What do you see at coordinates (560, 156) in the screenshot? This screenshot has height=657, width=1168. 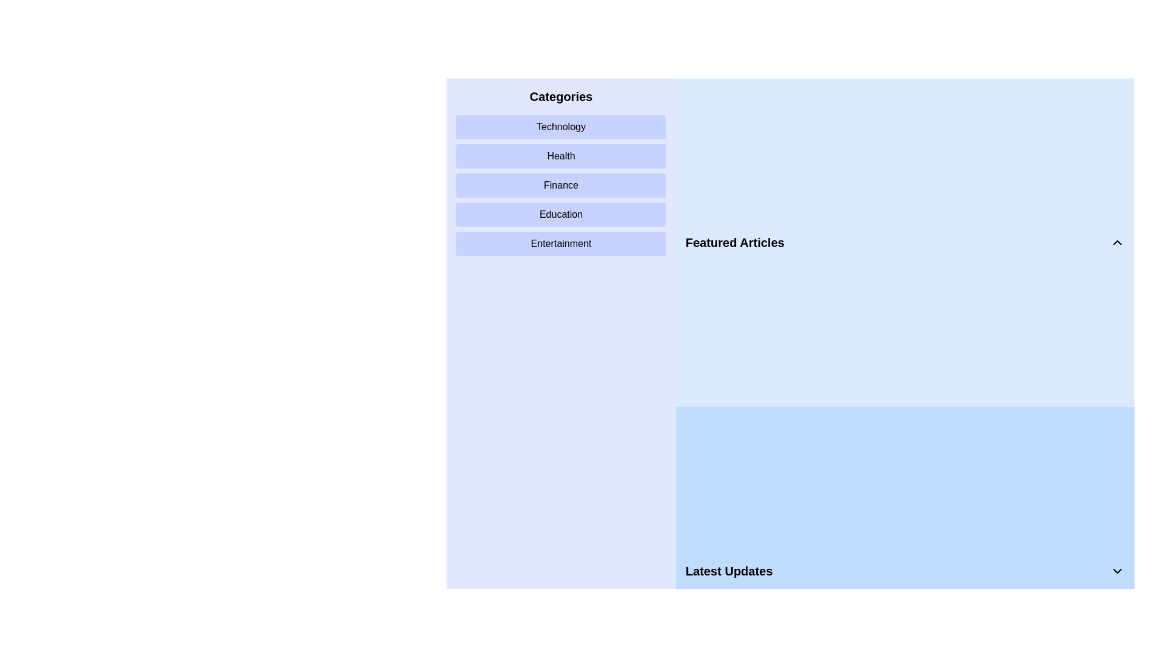 I see `the 'Health' button, which is a horizontally rectangular button with rounded corners, featuring the text 'Health' in black on a light indigo background, positioned below the 'Technology' button and above the 'Finance' button in the 'Categories' section` at bounding box center [560, 156].